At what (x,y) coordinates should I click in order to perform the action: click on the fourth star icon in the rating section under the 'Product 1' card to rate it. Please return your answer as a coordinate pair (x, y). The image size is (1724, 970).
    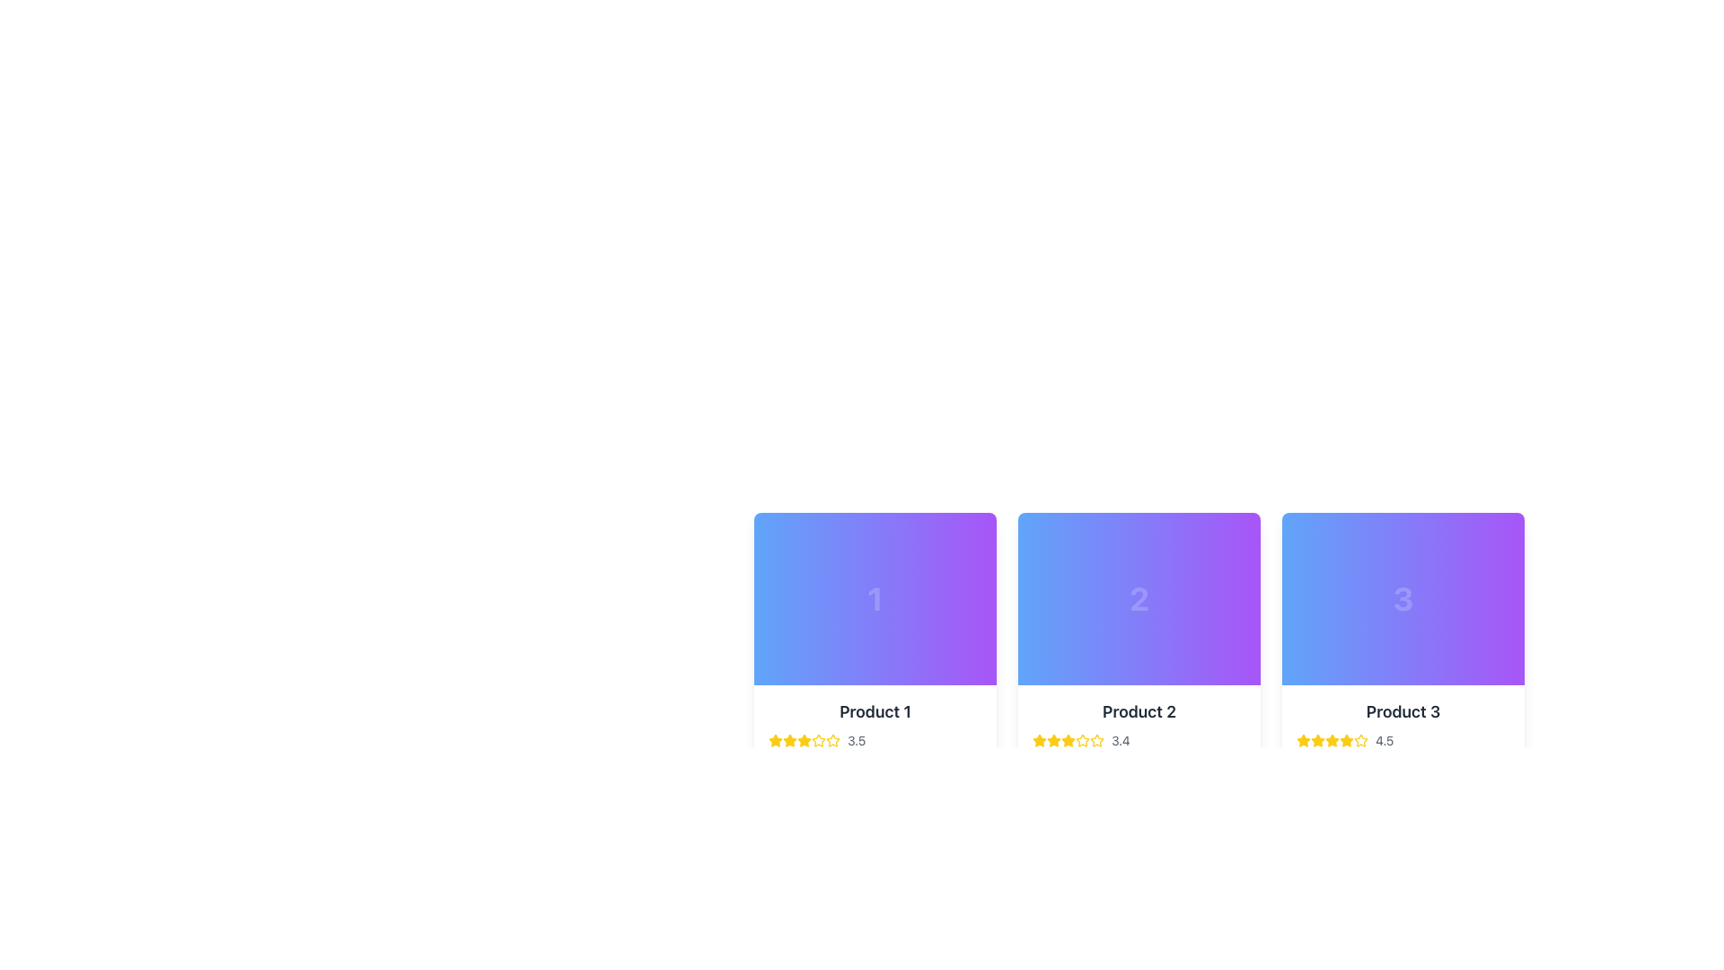
    Looking at the image, I should click on (818, 740).